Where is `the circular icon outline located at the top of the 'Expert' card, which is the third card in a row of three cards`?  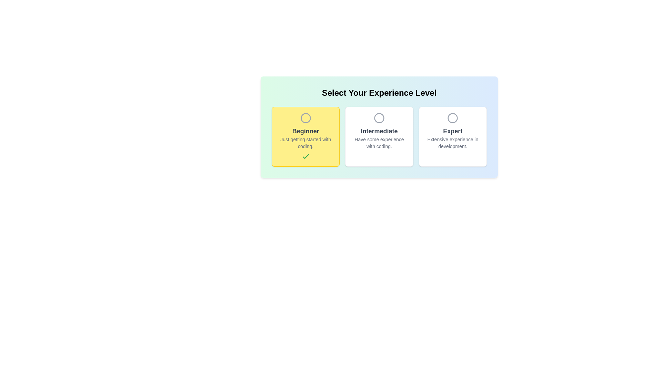
the circular icon outline located at the top of the 'Expert' card, which is the third card in a row of three cards is located at coordinates (453, 118).